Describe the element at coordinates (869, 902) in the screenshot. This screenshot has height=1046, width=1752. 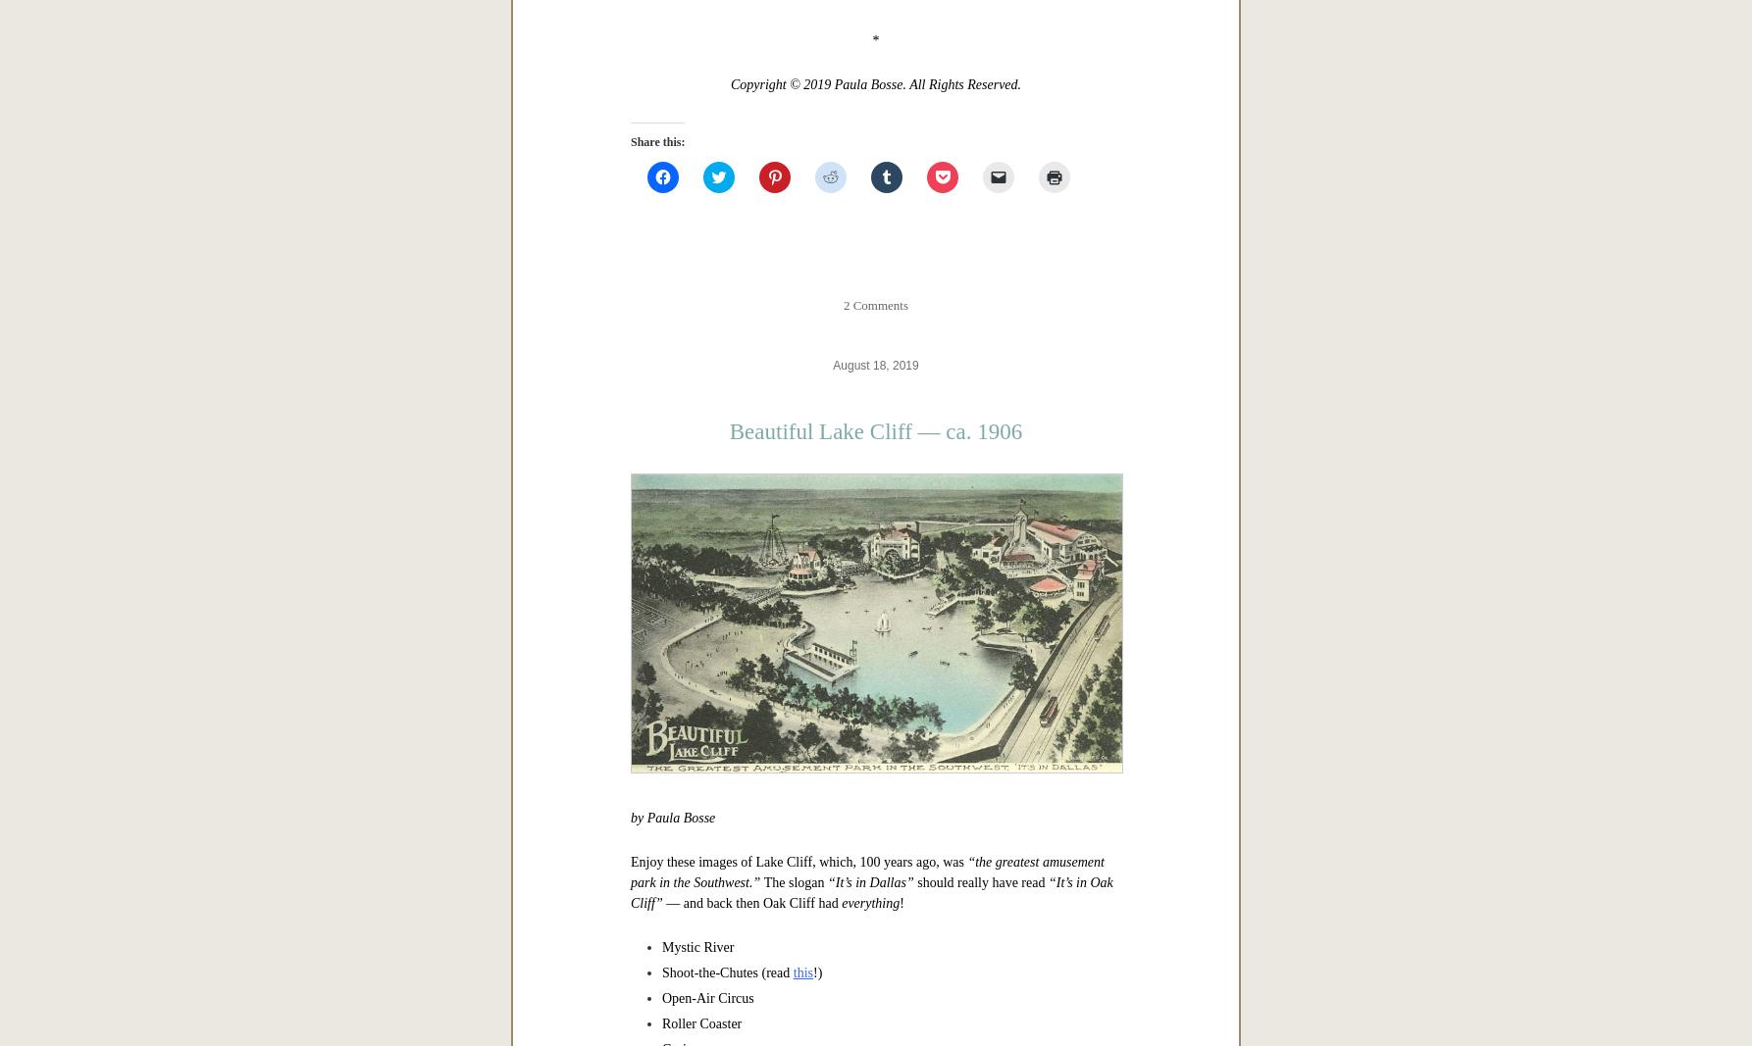
I see `'everything'` at that location.